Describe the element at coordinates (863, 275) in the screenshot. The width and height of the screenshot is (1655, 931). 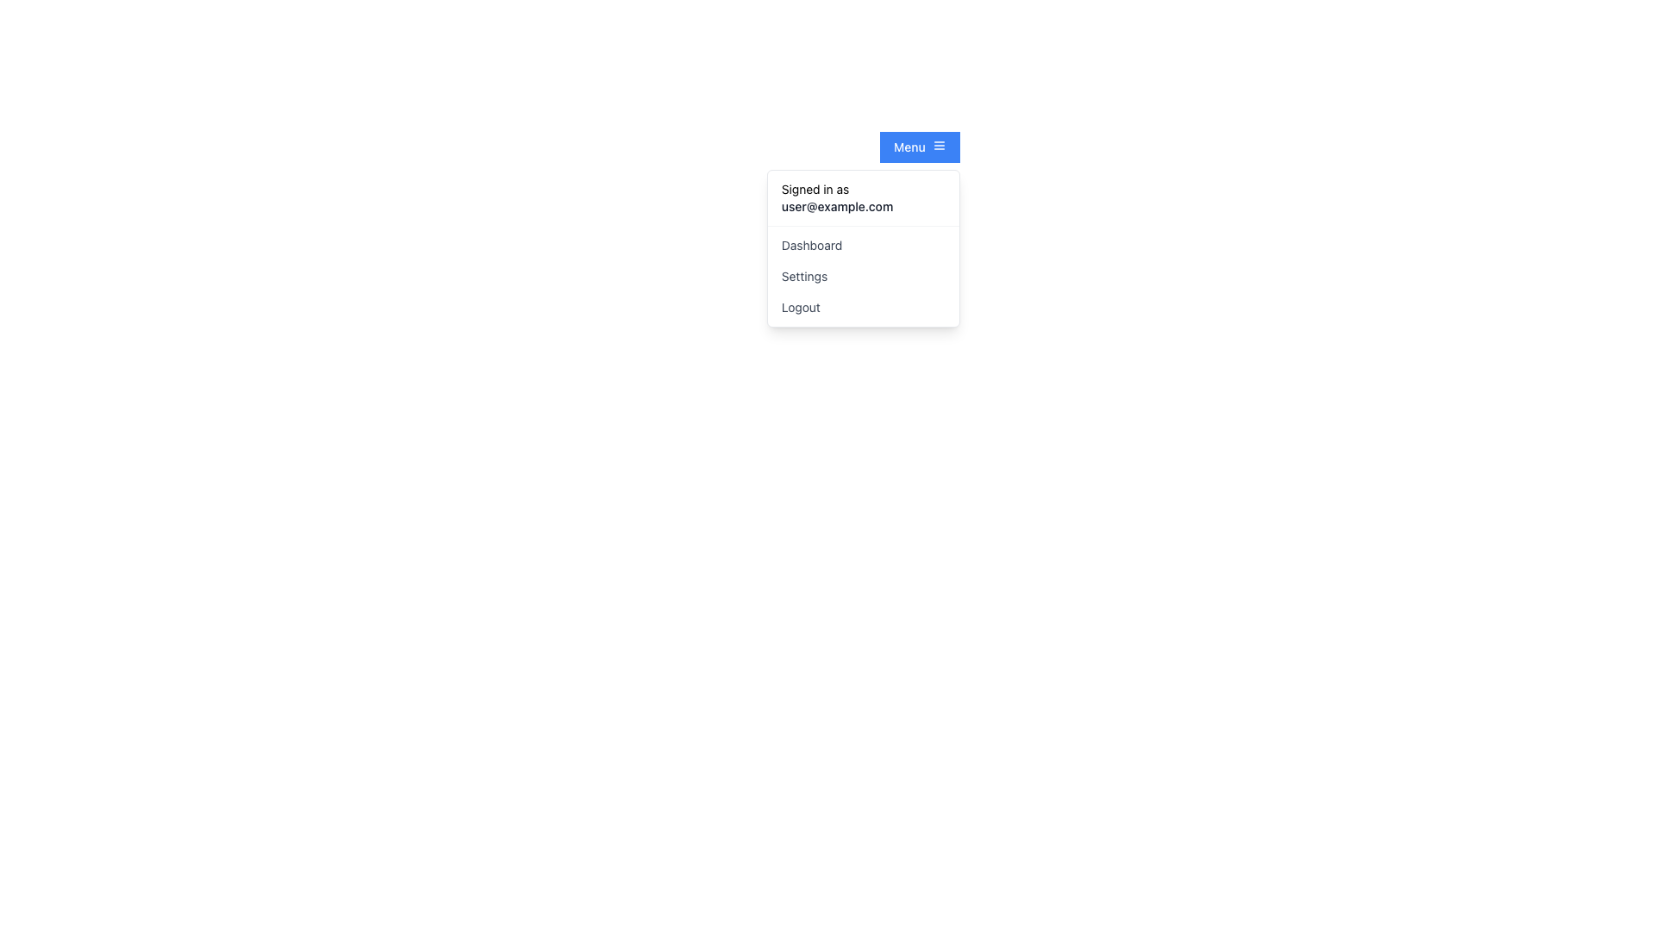
I see `the 'Settings' menu item in the dropdown menu` at that location.